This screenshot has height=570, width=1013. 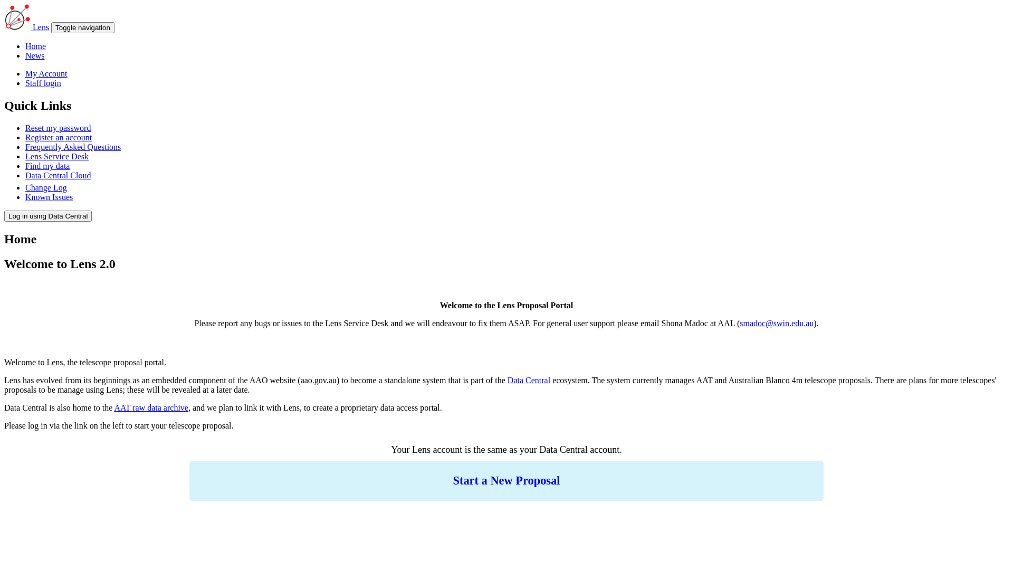 What do you see at coordinates (39, 4) in the screenshot?
I see `'Skip to main content'` at bounding box center [39, 4].